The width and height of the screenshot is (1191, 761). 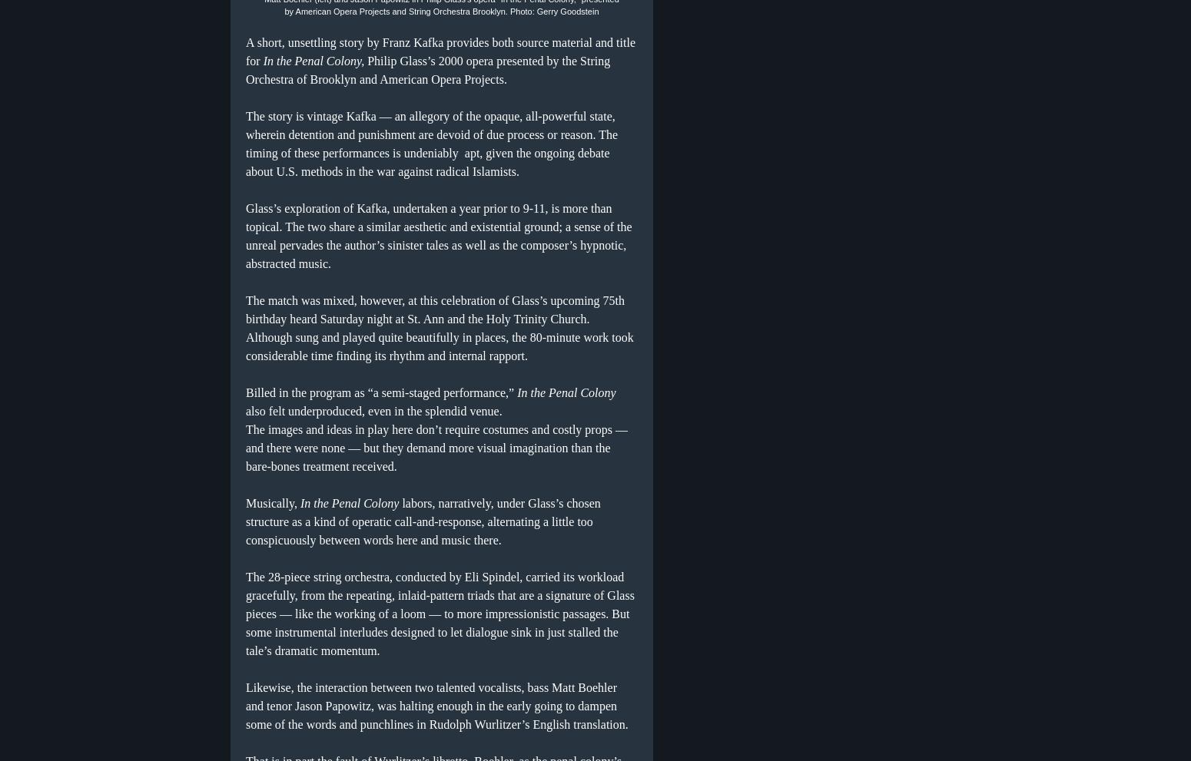 I want to click on 'Likewise, the interaction between two talented vocalists, bass Matt Boehler and tenor Jason Papowitz, was halting enough in the early going to dampen some of the words and punchlines in Rudolph Wurlitzer’s English translation.', so click(x=245, y=704).